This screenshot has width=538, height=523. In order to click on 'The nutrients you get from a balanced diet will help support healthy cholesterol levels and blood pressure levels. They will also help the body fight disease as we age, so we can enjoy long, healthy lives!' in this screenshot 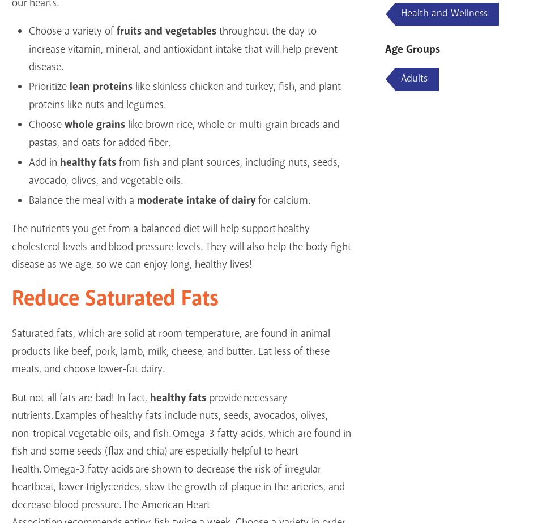, I will do `click(181, 247)`.